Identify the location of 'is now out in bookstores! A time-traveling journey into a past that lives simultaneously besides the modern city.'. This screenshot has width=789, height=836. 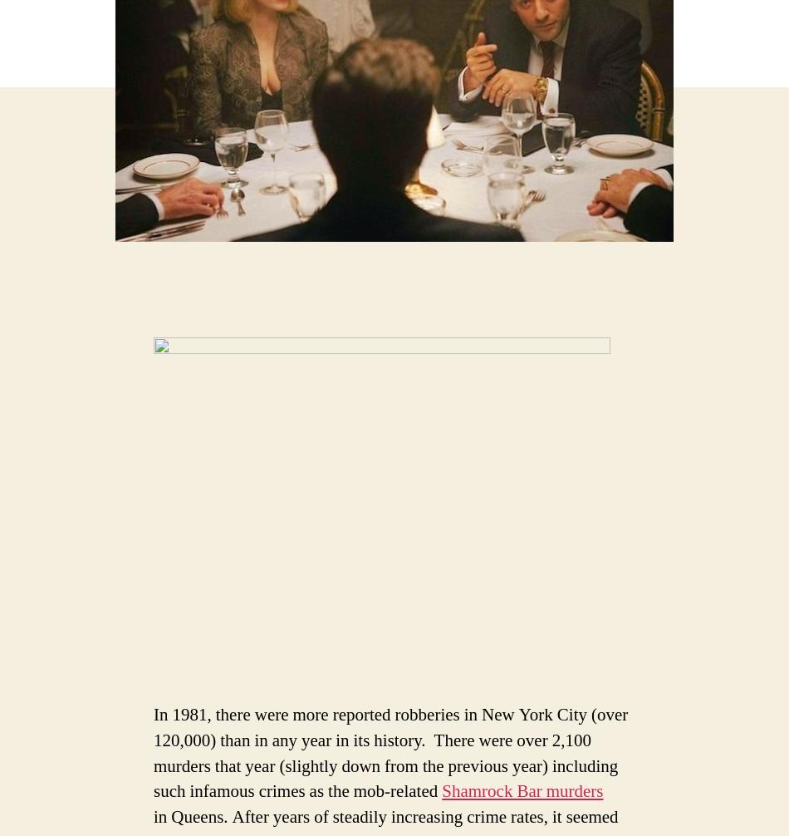
(574, 702).